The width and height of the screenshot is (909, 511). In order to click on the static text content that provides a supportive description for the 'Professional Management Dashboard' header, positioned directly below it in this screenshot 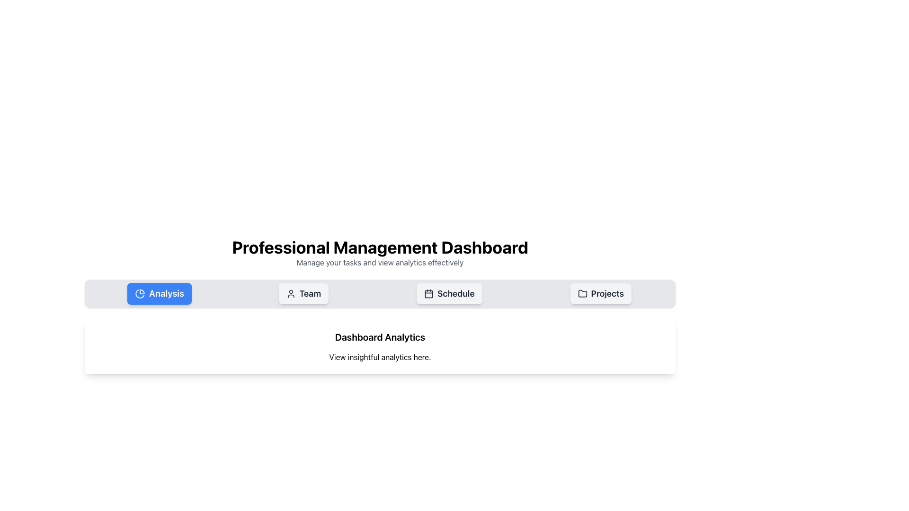, I will do `click(380, 263)`.